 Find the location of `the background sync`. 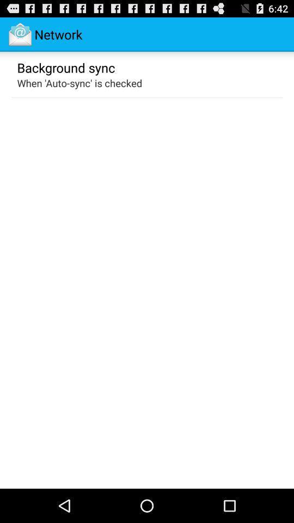

the background sync is located at coordinates (66, 66).